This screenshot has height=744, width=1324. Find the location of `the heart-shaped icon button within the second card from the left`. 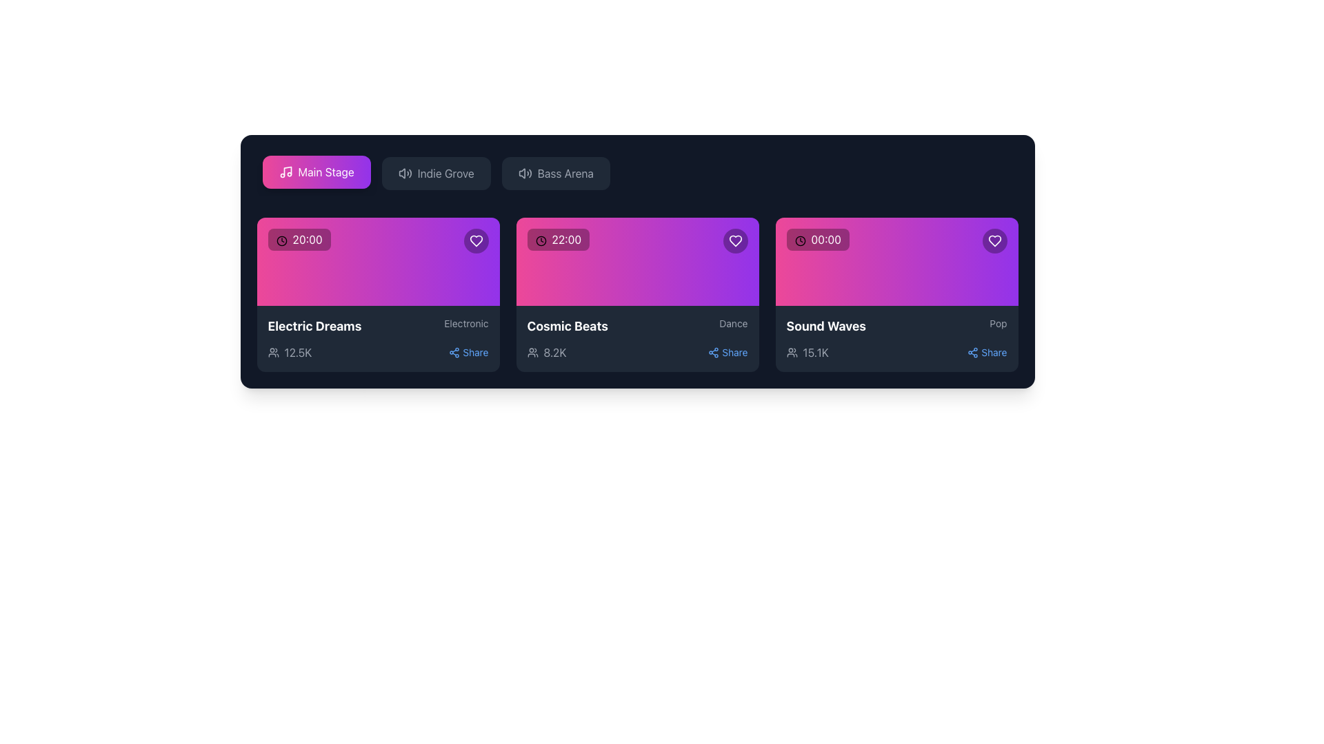

the heart-shaped icon button within the second card from the left is located at coordinates (734, 240).